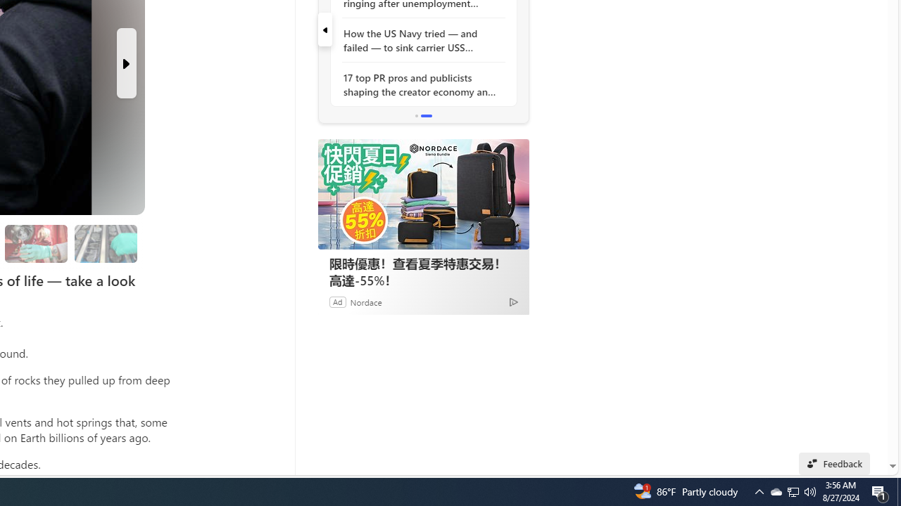 This screenshot has width=901, height=506. I want to click on 'Researchers are still studying the samples', so click(104, 242).